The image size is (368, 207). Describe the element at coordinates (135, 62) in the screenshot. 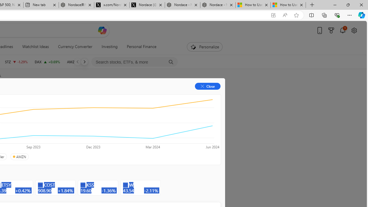

I see `'Search stocks, ETFs, & more'` at that location.